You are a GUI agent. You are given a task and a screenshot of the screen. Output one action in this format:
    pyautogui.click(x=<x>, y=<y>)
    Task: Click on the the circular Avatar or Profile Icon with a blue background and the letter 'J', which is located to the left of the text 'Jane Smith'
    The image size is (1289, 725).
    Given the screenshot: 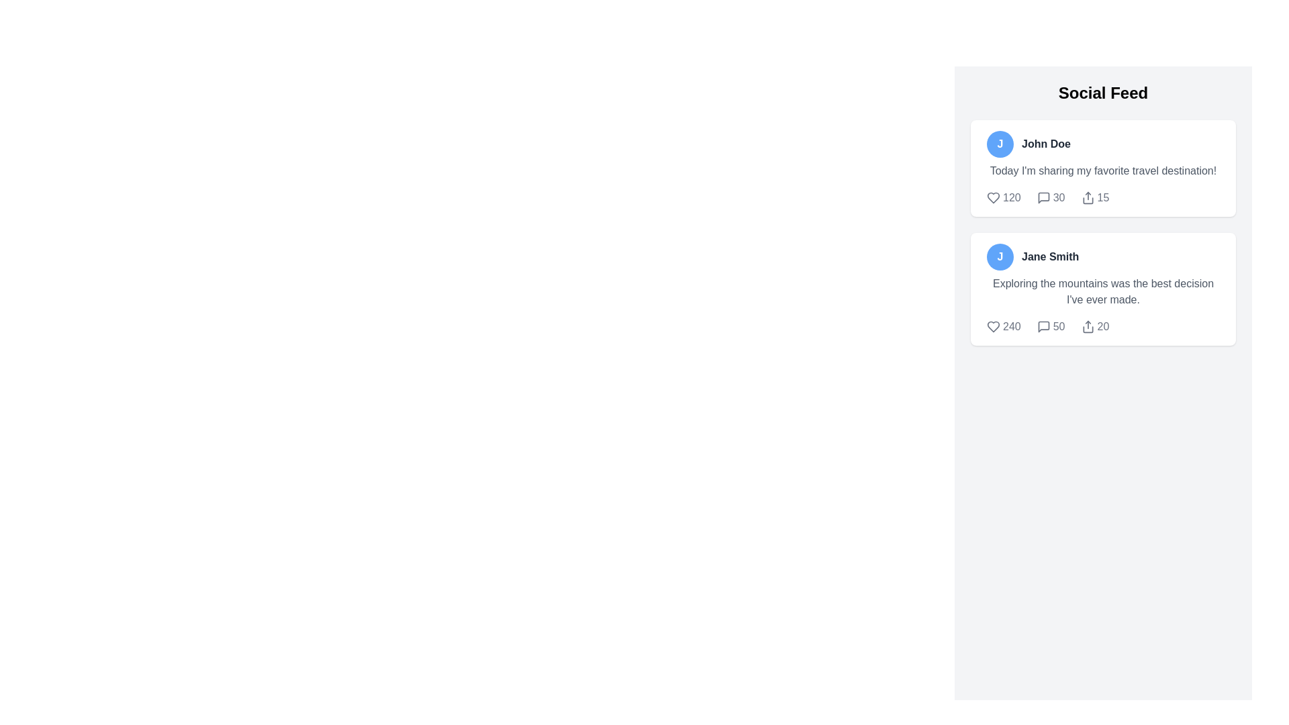 What is the action you would take?
    pyautogui.click(x=1000, y=256)
    